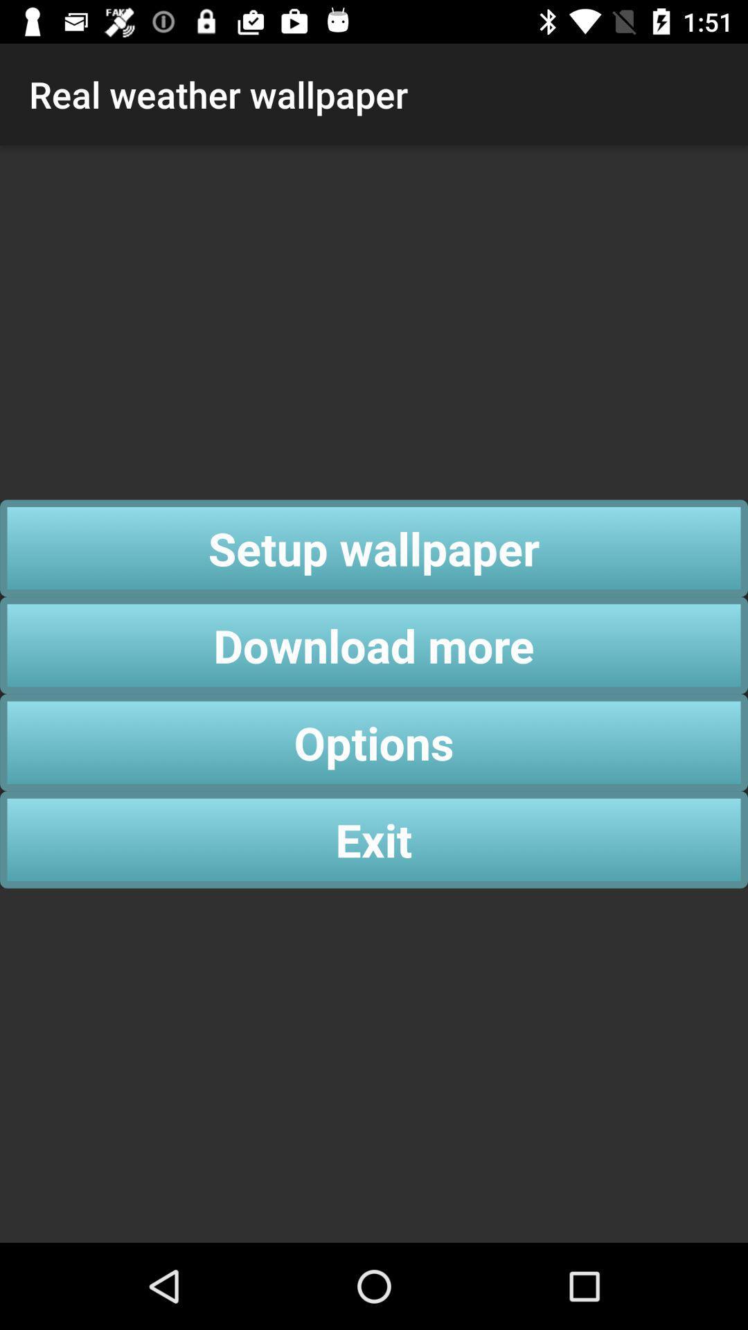 The height and width of the screenshot is (1330, 748). Describe the element at coordinates (374, 644) in the screenshot. I see `the download more button` at that location.